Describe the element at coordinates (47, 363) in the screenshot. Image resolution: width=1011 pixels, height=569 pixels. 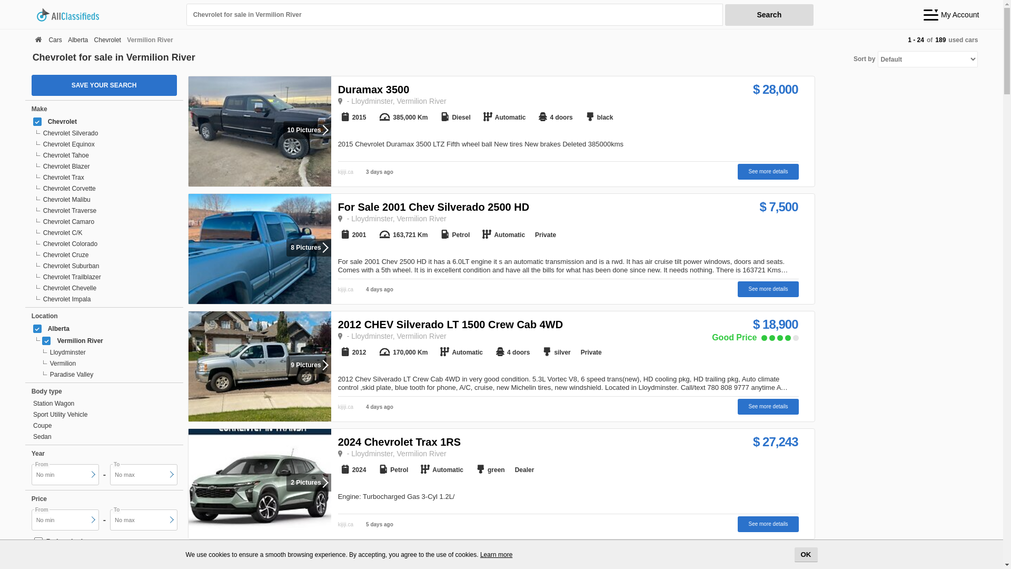
I see `'Vermilion'` at that location.